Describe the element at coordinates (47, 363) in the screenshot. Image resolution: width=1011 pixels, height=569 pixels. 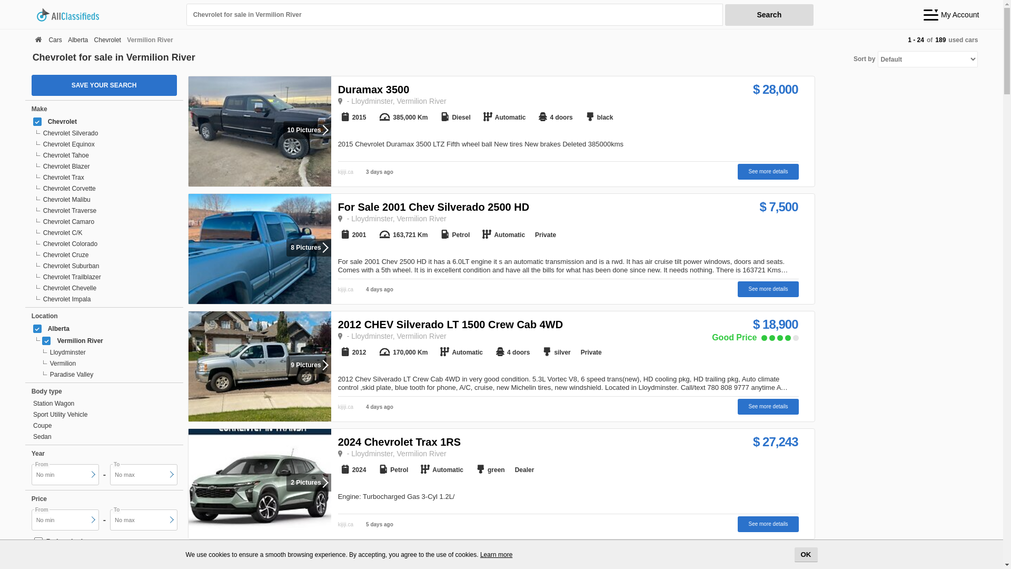
I see `'Vermilion'` at that location.